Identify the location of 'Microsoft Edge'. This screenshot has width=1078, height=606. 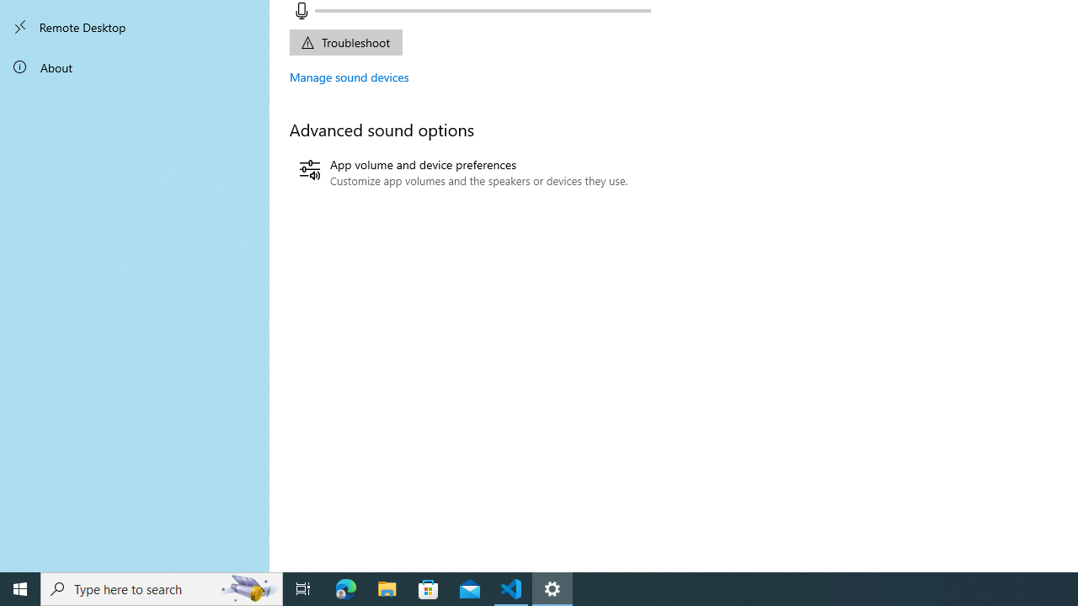
(345, 587).